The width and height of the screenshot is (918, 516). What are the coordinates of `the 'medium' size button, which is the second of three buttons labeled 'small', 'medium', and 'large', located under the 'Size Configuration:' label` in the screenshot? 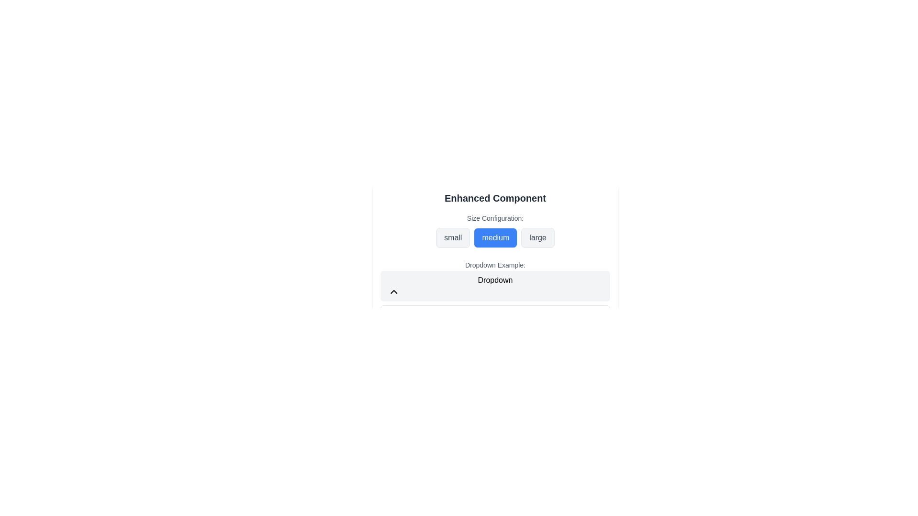 It's located at (495, 237).